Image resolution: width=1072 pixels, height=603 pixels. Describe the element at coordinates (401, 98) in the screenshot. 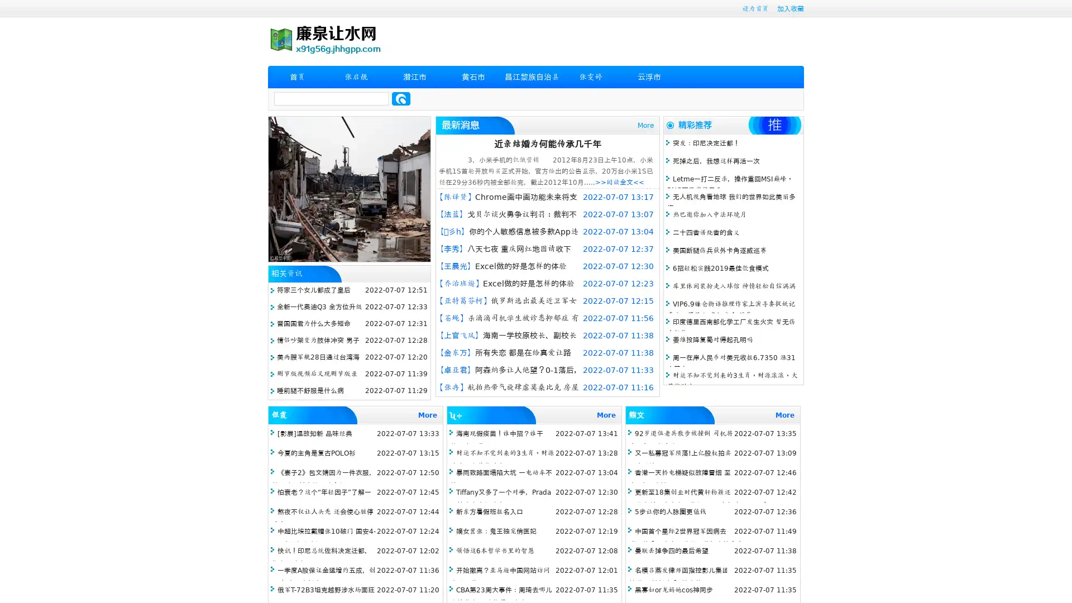

I see `Search` at that location.